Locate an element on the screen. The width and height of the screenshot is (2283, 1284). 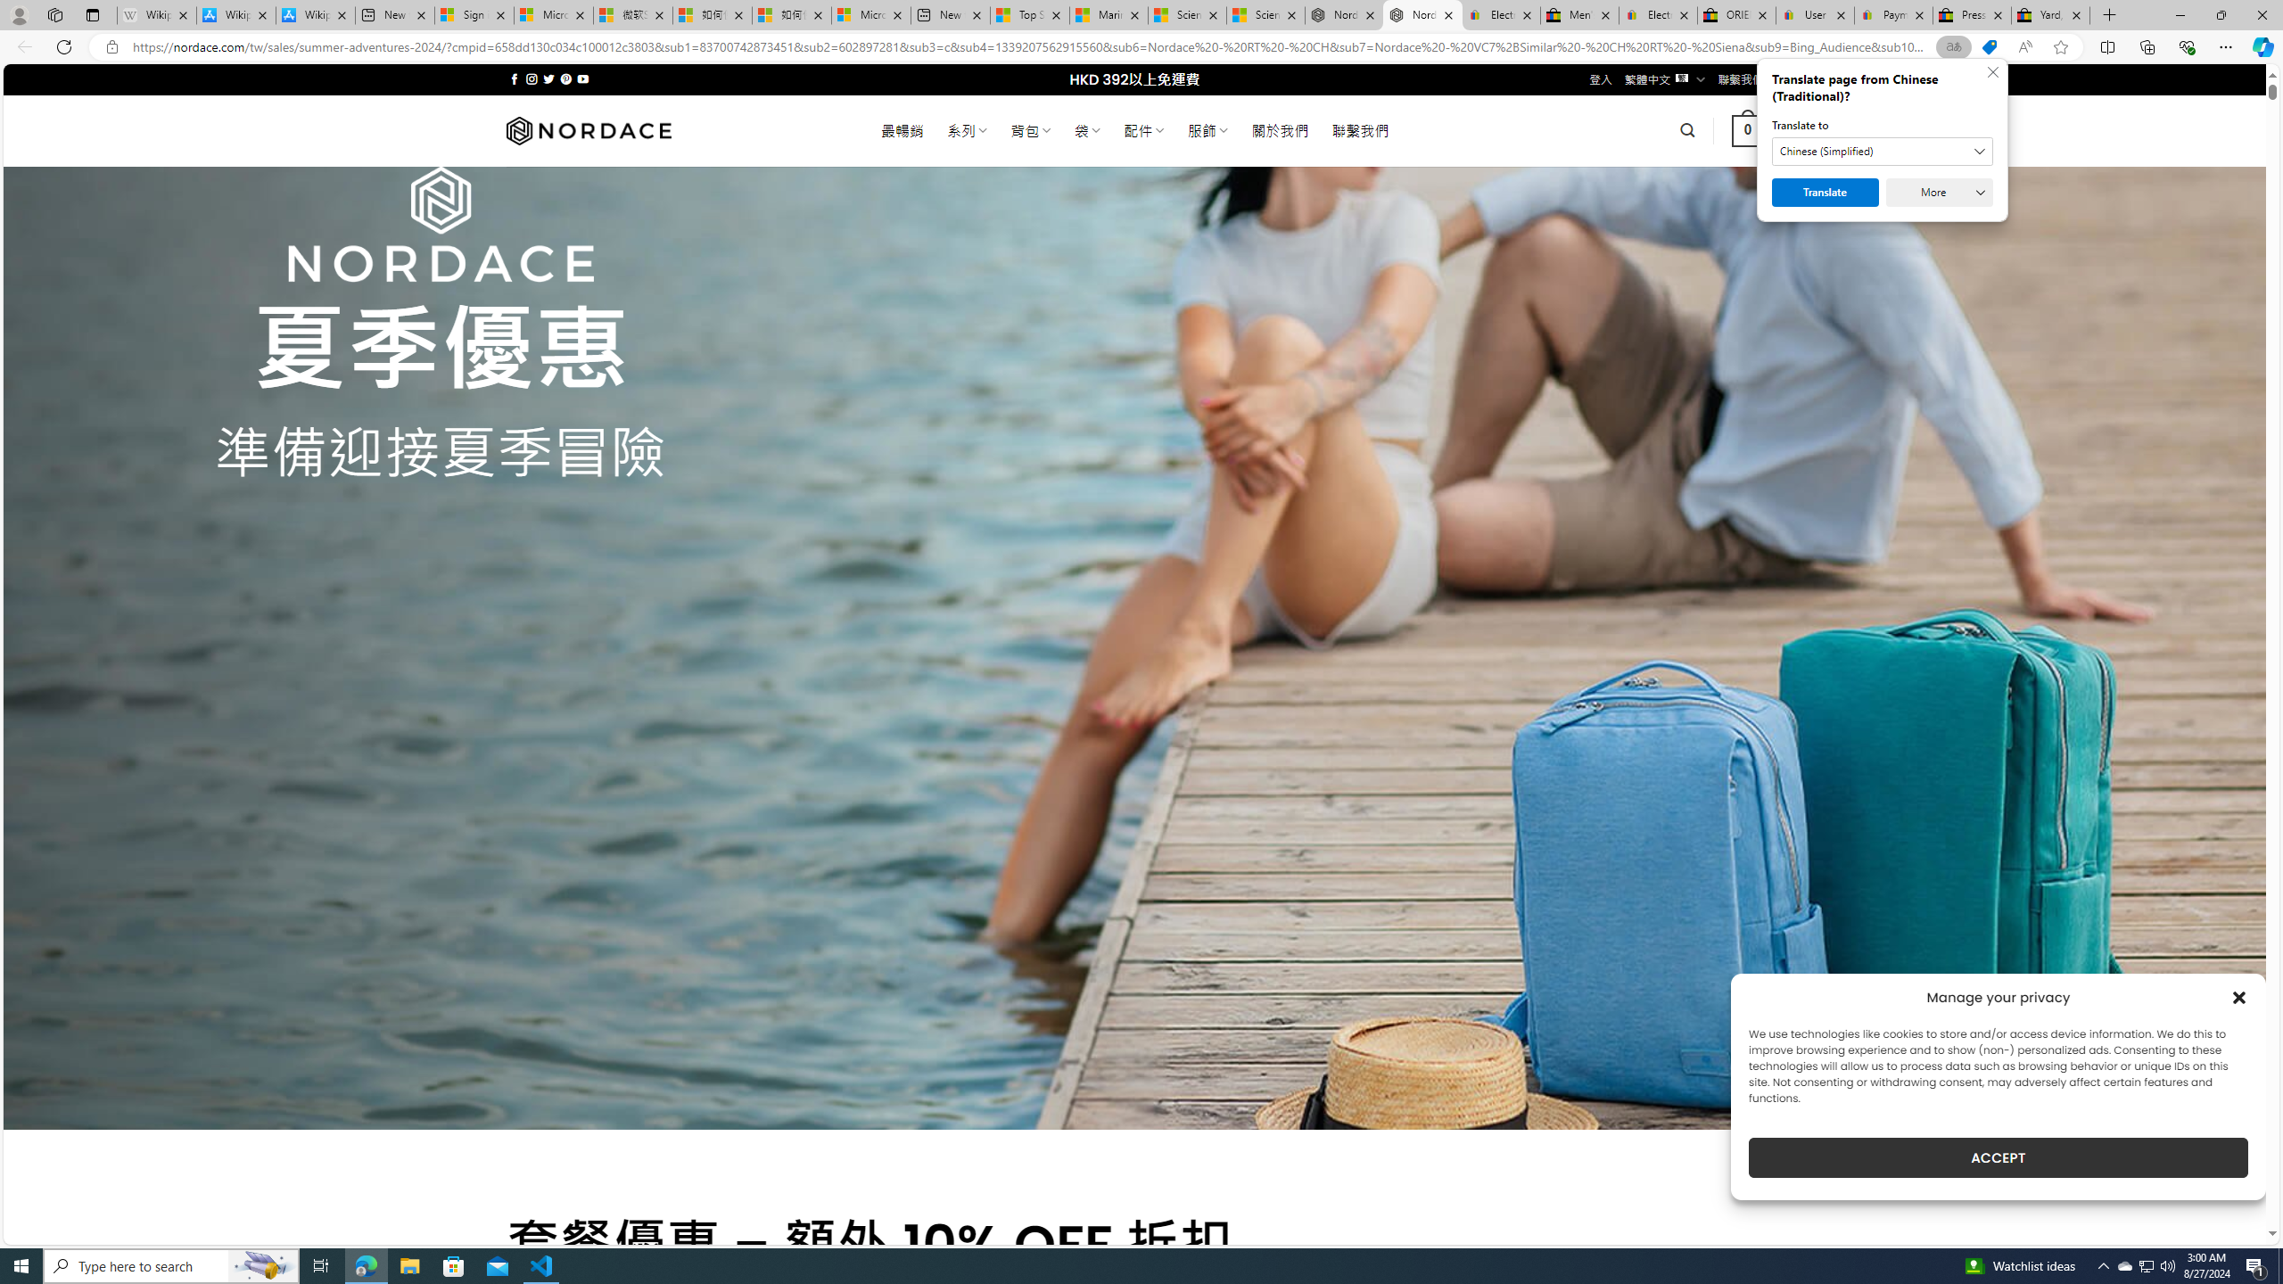
'Class: cmplz-close' is located at coordinates (2239, 997).